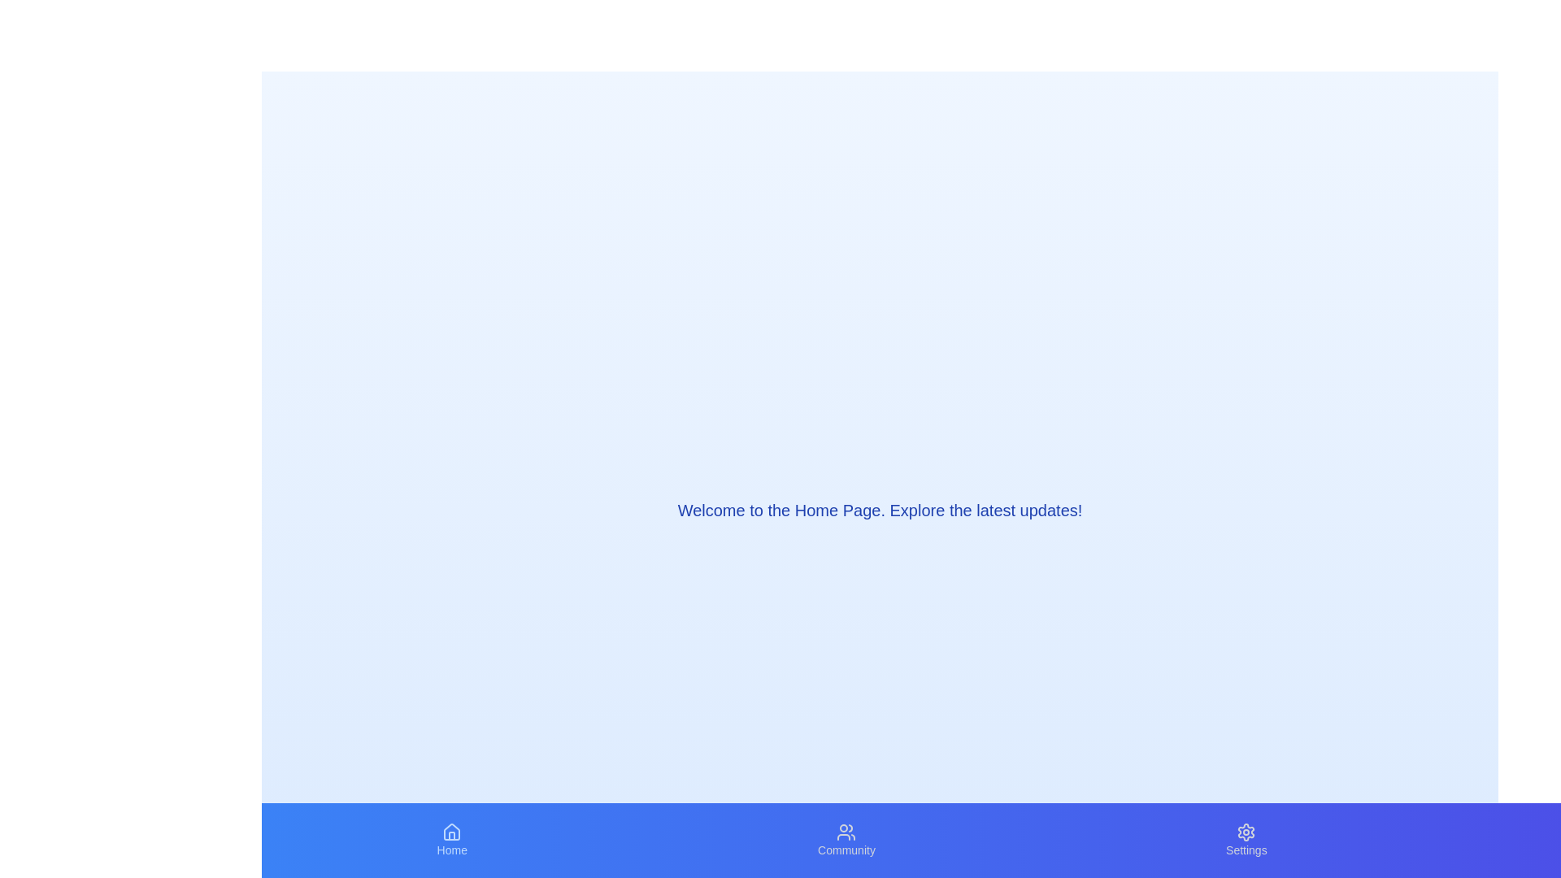  I want to click on the Community navigation button located in the bottom navigation bar, positioned between the Home and Settings buttons, so click(846, 840).